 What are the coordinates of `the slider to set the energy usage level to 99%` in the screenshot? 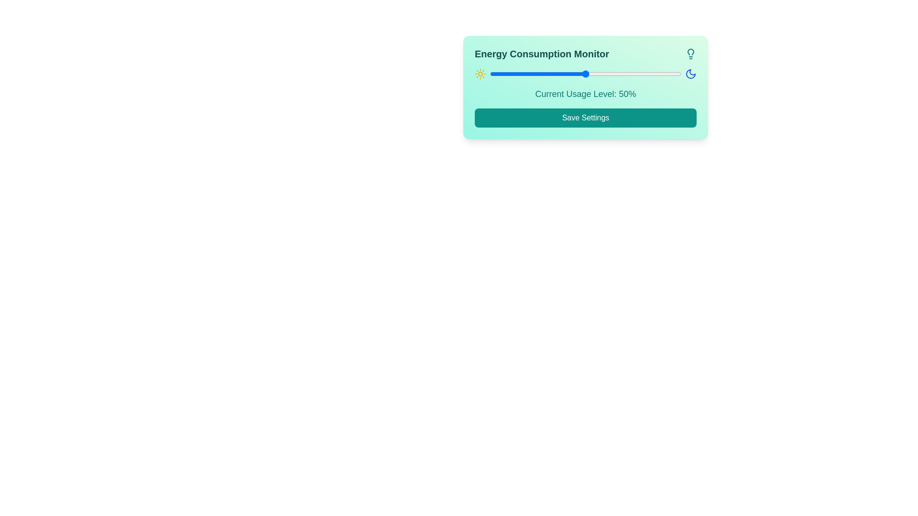 It's located at (678, 73).